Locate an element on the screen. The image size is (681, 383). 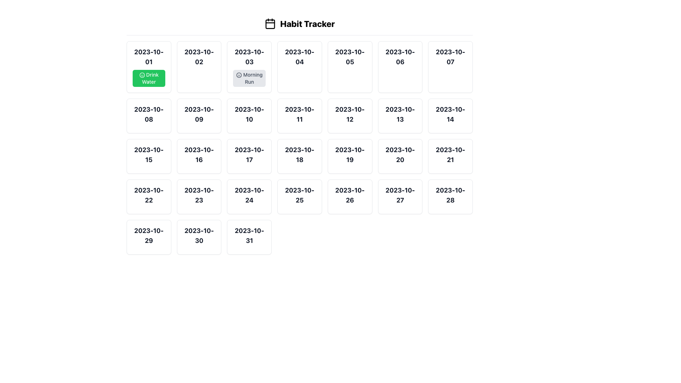
the card representing the date '2023-10-26' in the calendar grid is located at coordinates (350, 197).